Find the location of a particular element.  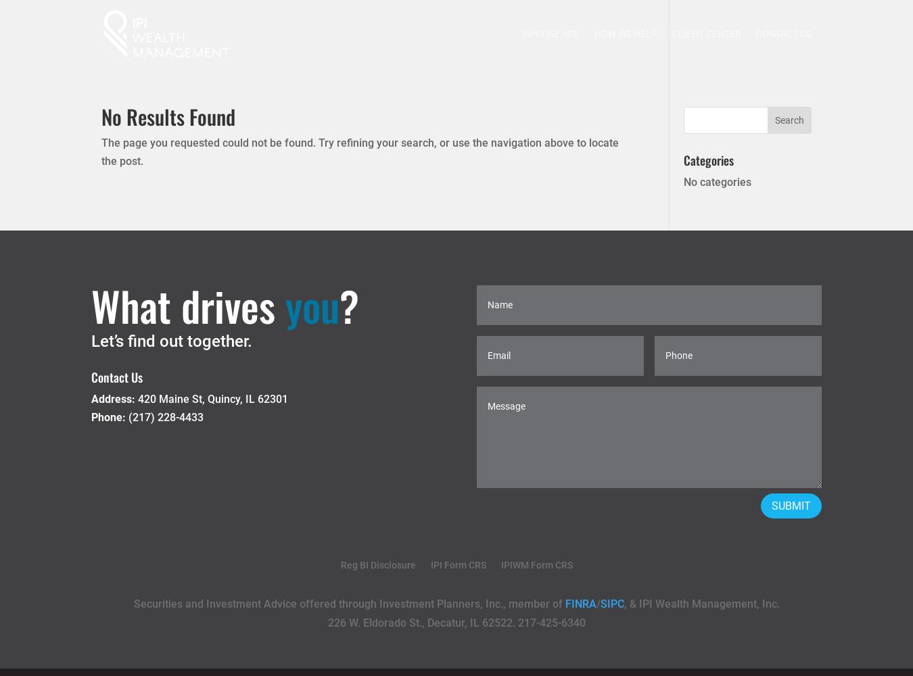

'The page you requested could not be found. Try refining your search, or use the navigation above to locate the post.' is located at coordinates (359, 151).